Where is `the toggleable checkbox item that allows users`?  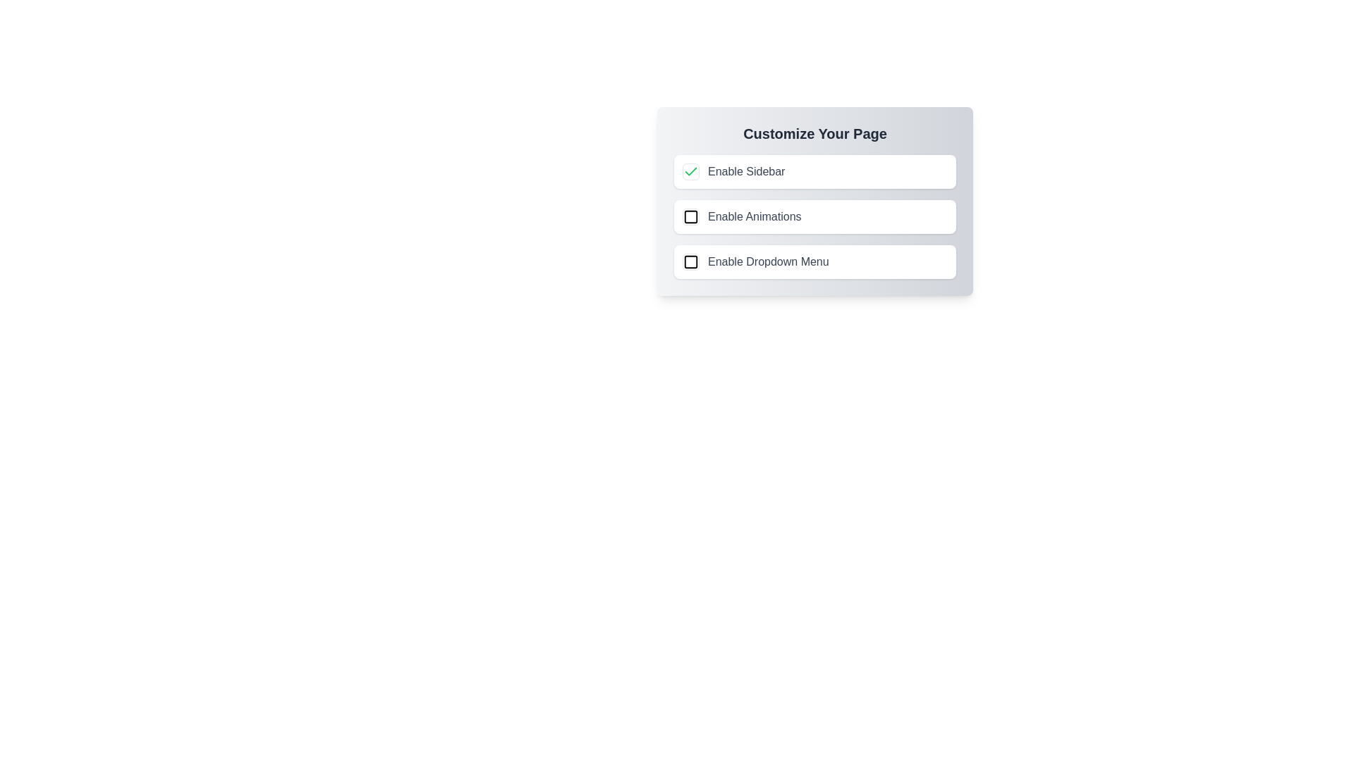
the toggleable checkbox item that allows users is located at coordinates (815, 201).